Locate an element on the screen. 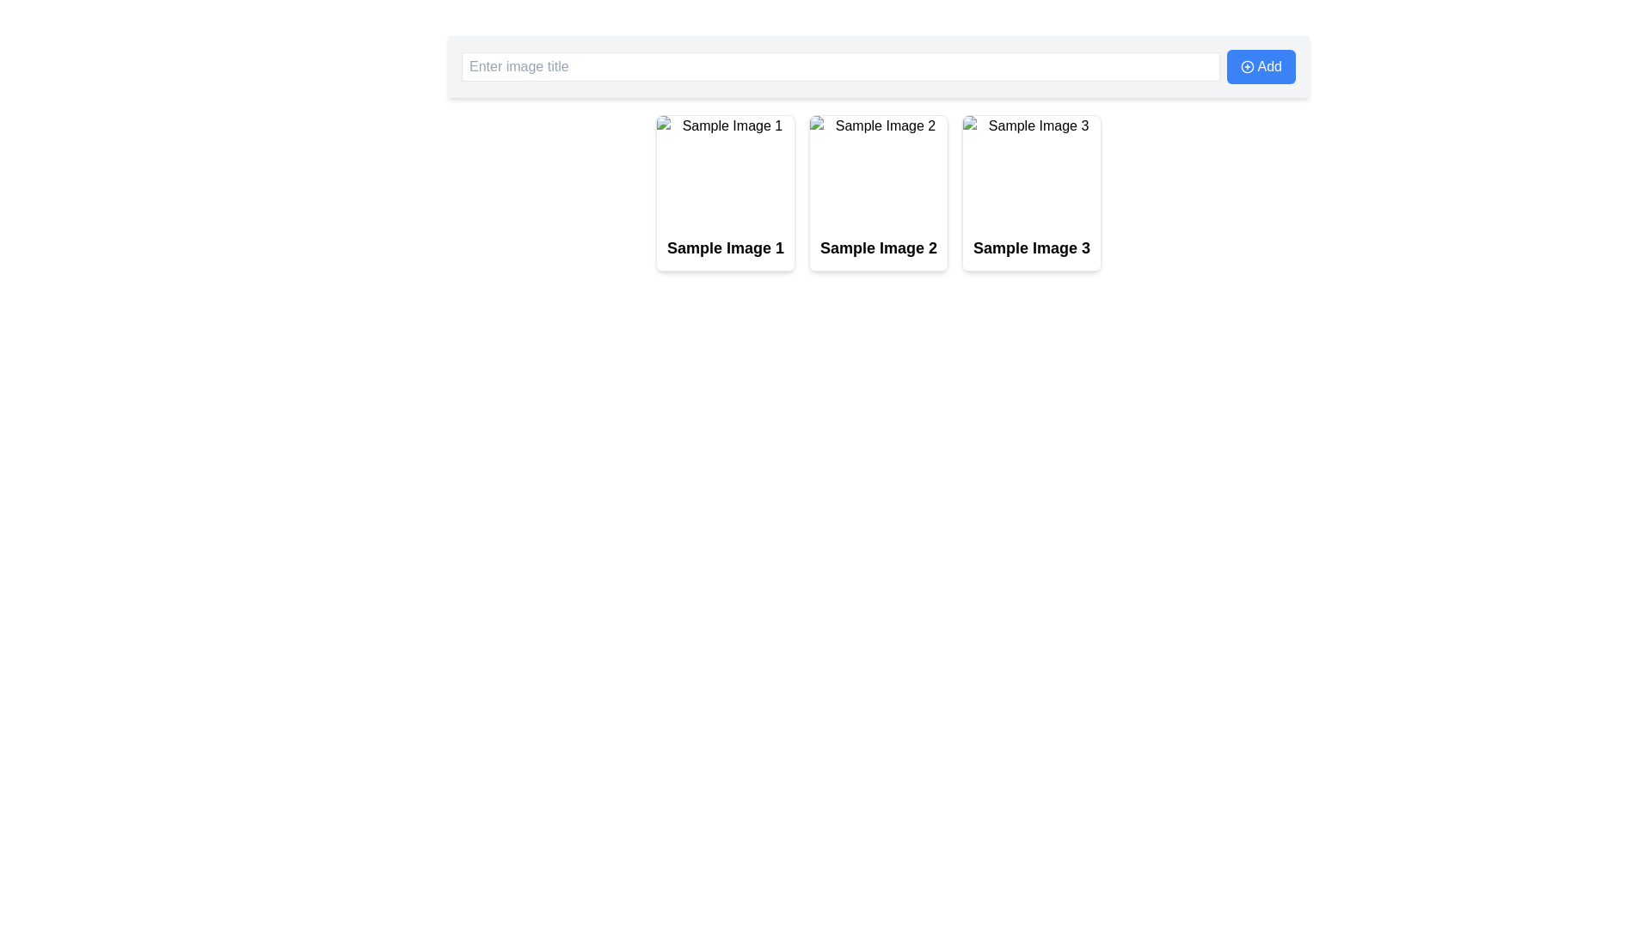 The image size is (1651, 928). text label that serves as the title for the associated card, which is the first card in a horizontal sequence below a text input box is located at coordinates (725, 248).